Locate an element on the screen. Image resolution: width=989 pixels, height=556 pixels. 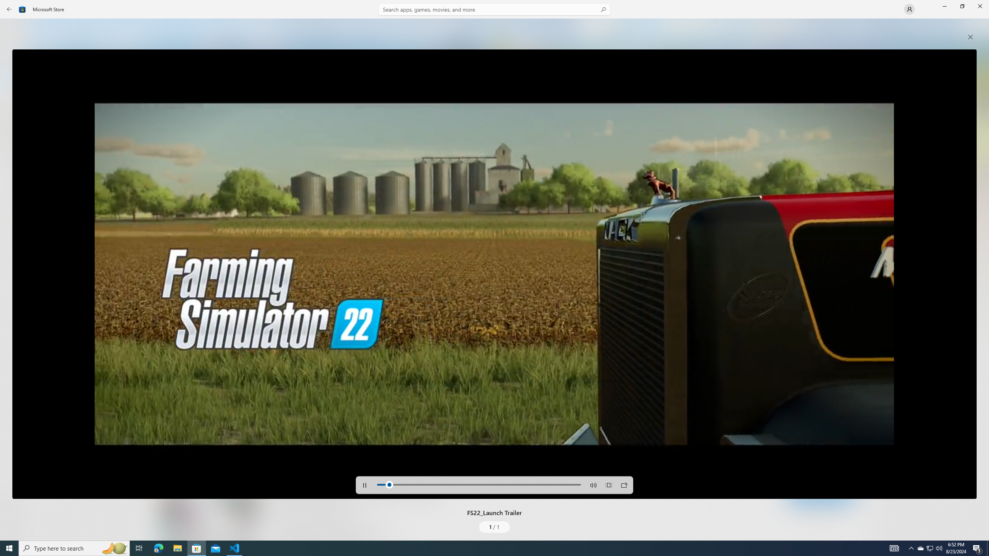
'Pause' is located at coordinates (364, 485).